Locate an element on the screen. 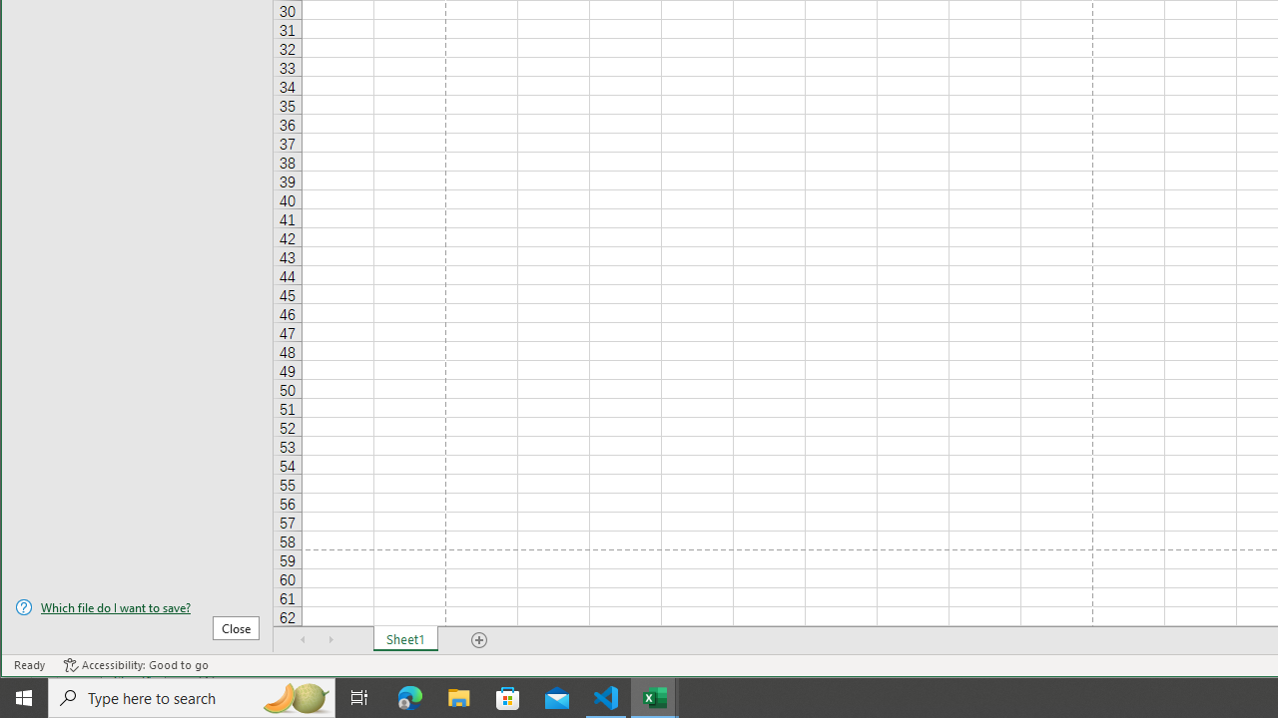 The width and height of the screenshot is (1278, 718). 'Search highlights icon opens search home window' is located at coordinates (294, 696).